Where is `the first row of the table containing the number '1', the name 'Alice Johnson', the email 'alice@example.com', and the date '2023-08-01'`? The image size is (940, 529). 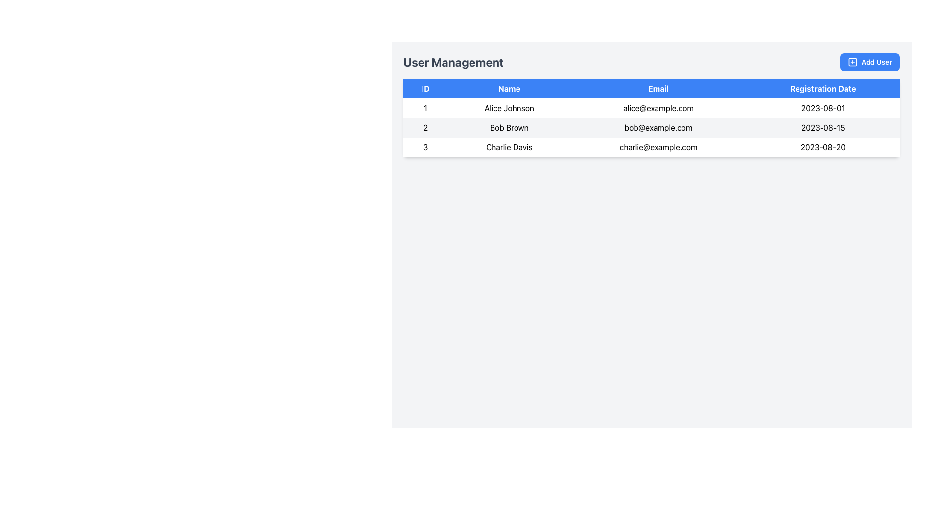 the first row of the table containing the number '1', the name 'Alice Johnson', the email 'alice@example.com', and the date '2023-08-01' is located at coordinates (651, 108).